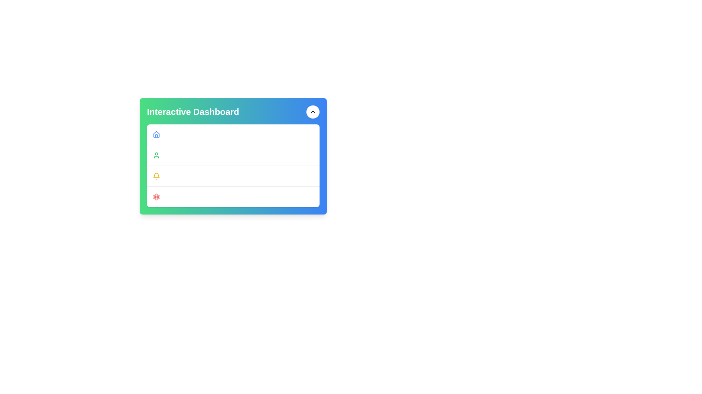  What do you see at coordinates (233, 135) in the screenshot?
I see `the first navigational button in the vertical menu of the 'Interactive Dashboard'` at bounding box center [233, 135].